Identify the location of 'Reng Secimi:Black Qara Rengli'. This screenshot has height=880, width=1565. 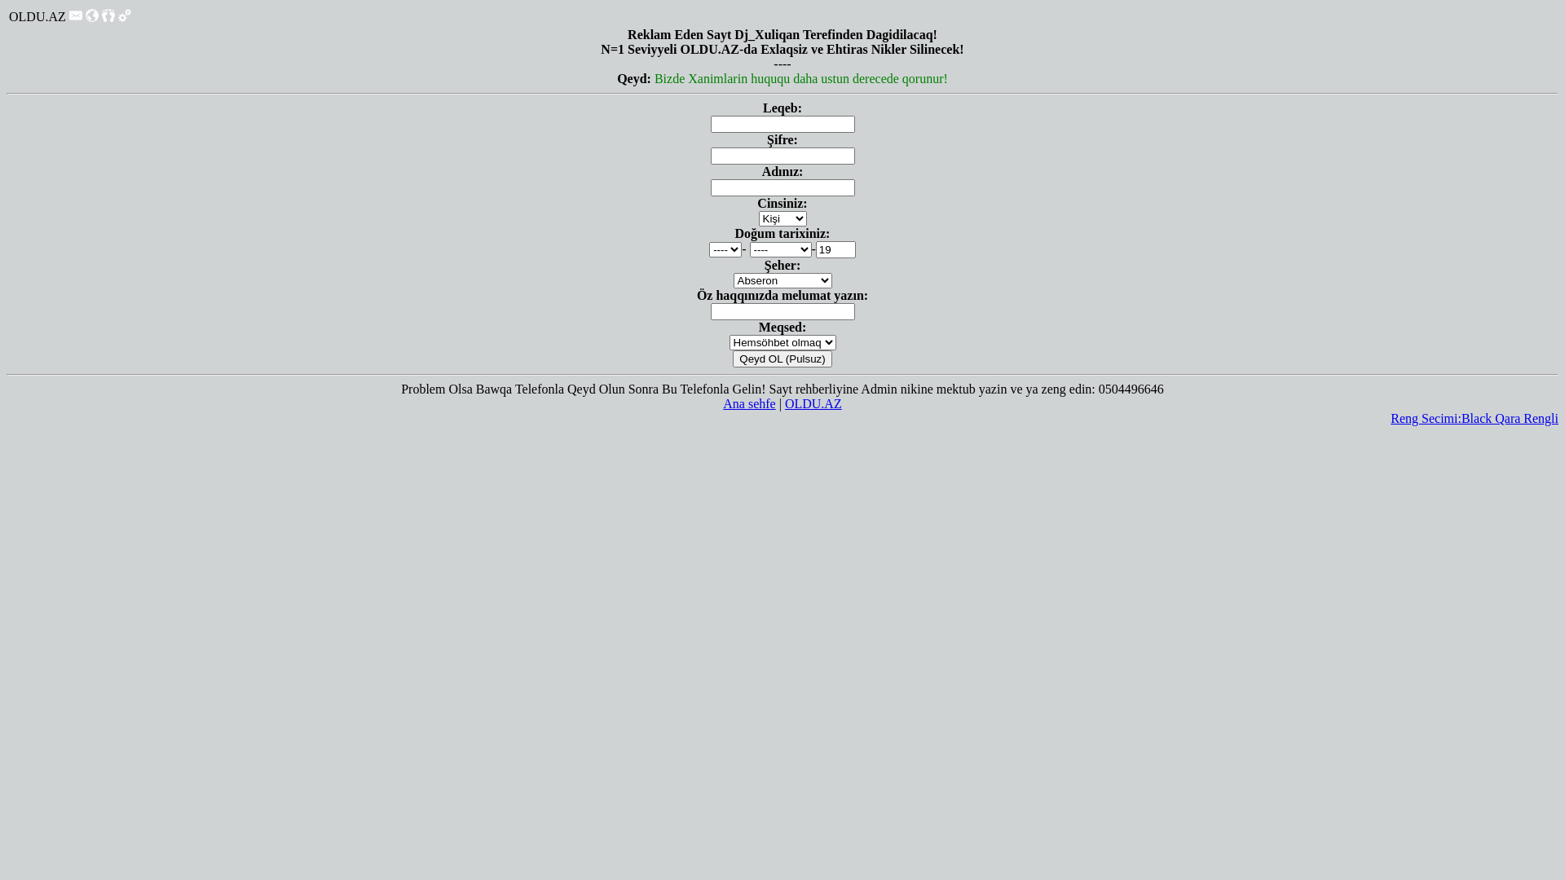
(1389, 417).